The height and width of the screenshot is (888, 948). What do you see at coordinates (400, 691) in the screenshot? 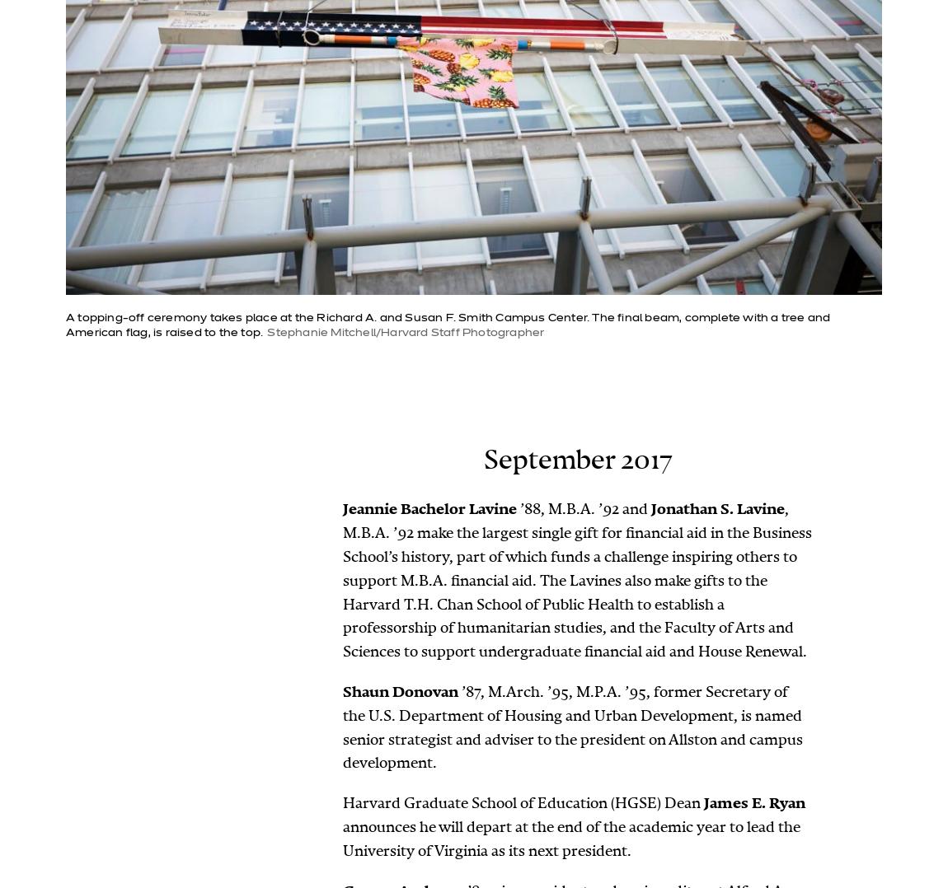
I see `'Shaun Donovan'` at bounding box center [400, 691].